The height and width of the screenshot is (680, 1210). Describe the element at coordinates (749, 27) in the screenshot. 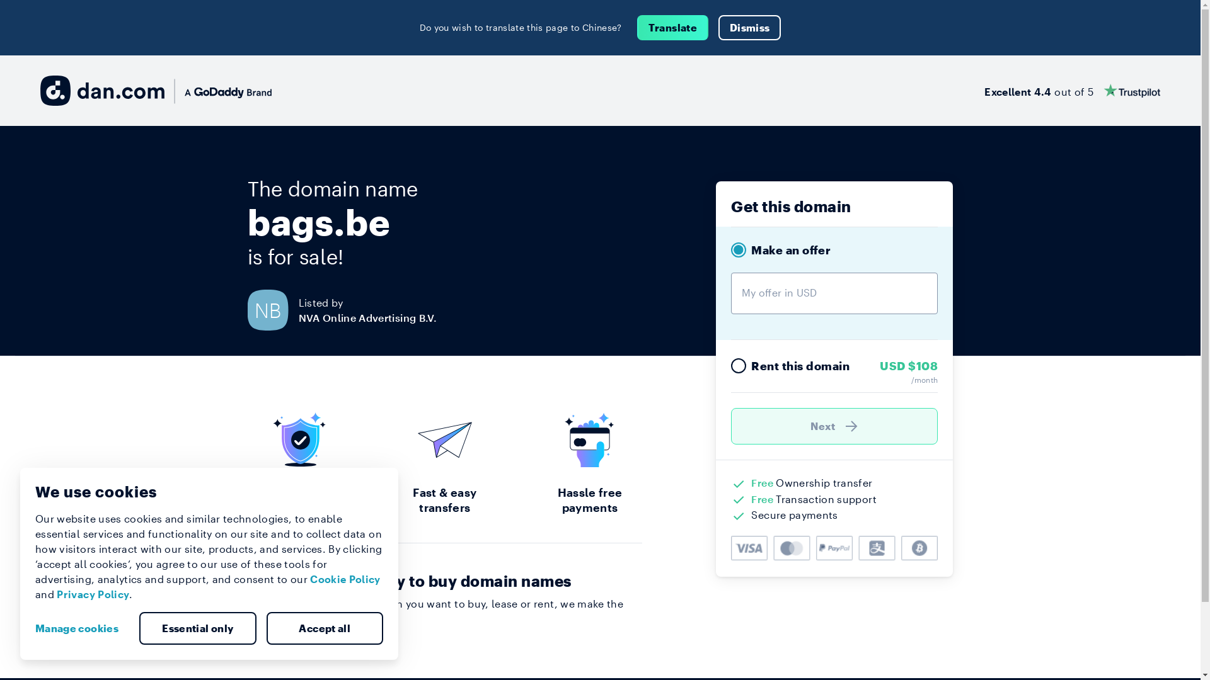

I see `'Dismiss'` at that location.